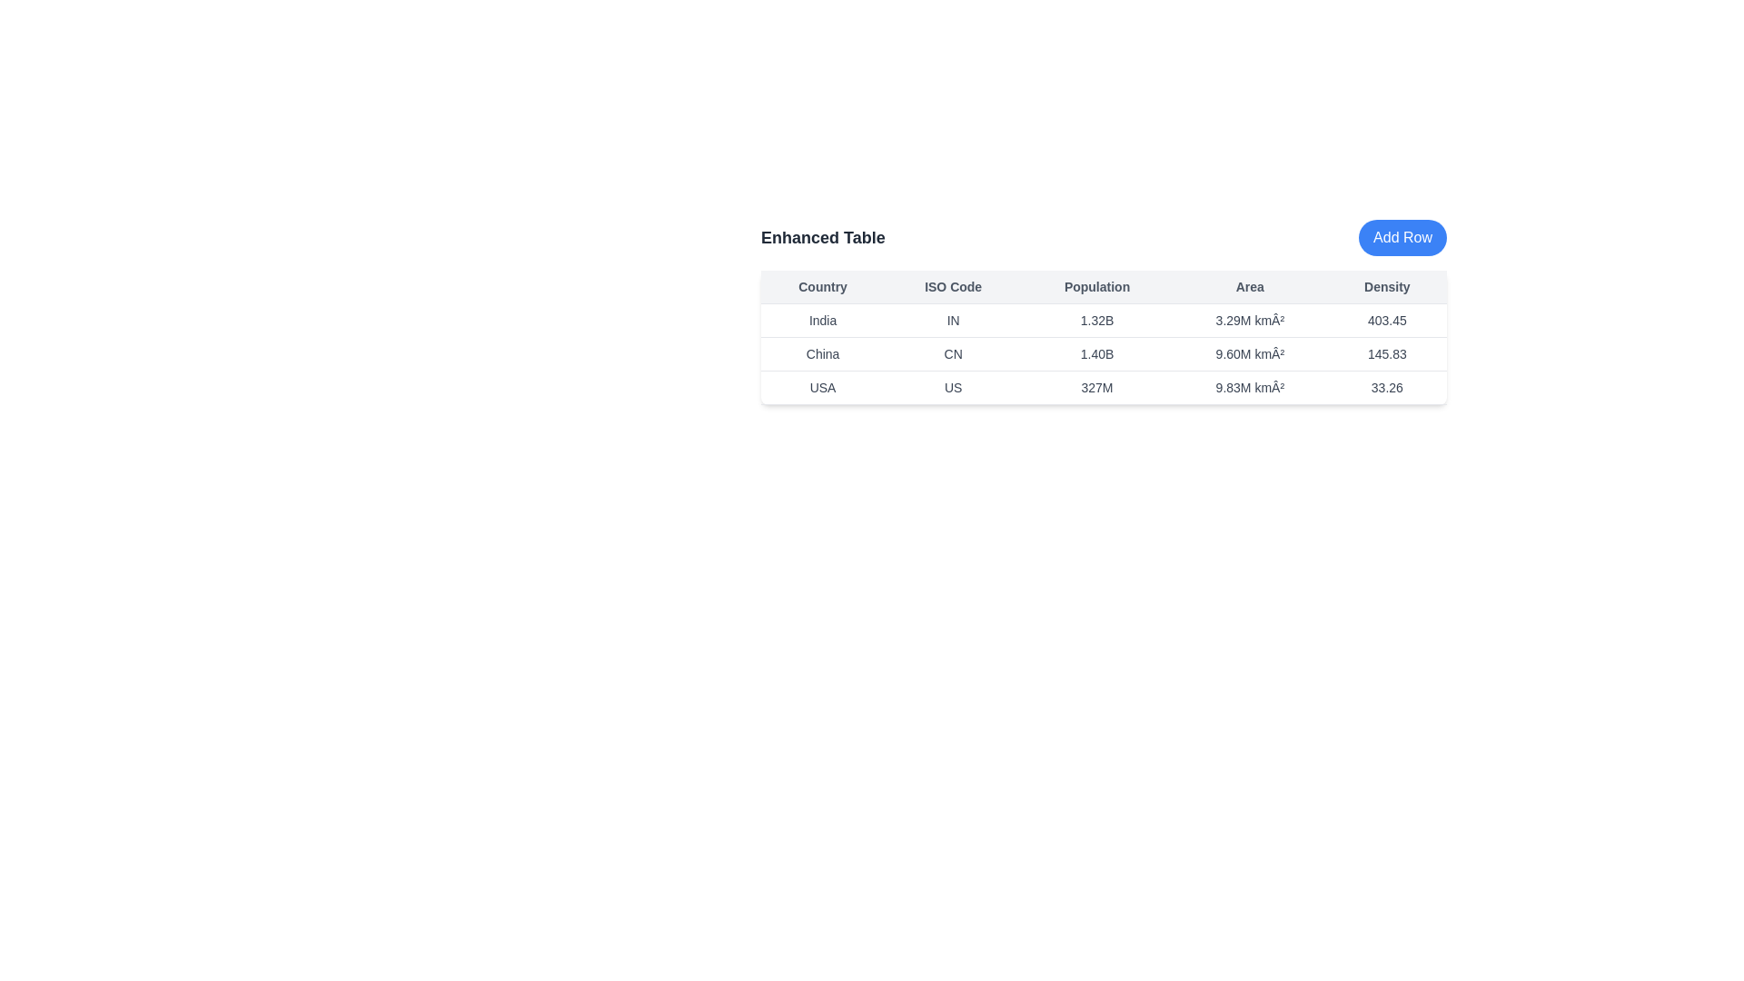 The image size is (1744, 981). I want to click on the text label displaying 'IN' in a small gray font, which is located in the first row of the table under the 'ISO Code' header, positioned between 'India' and '1.32B', so click(952, 320).